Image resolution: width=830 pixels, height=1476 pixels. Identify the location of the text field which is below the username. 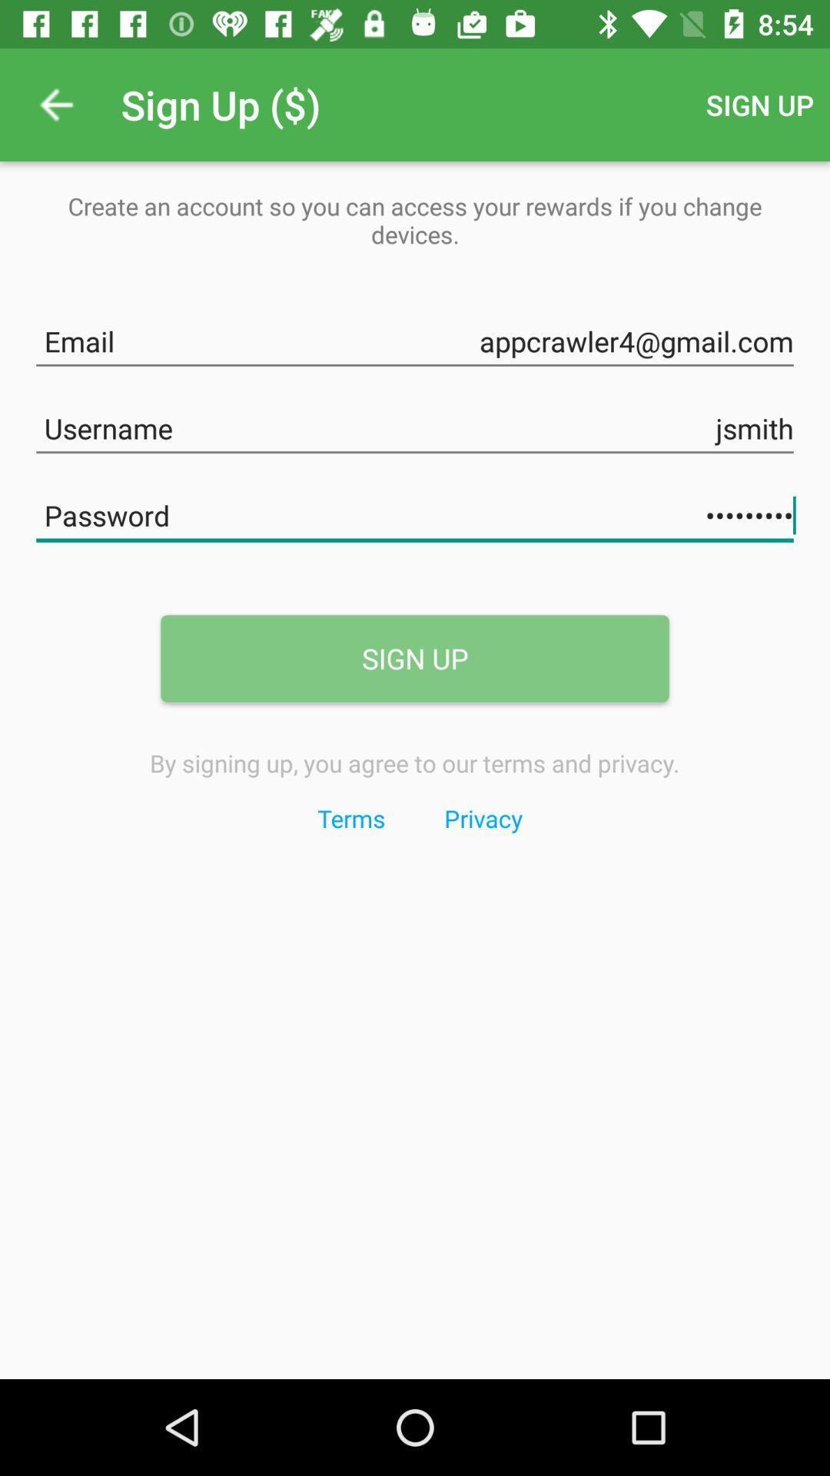
(415, 513).